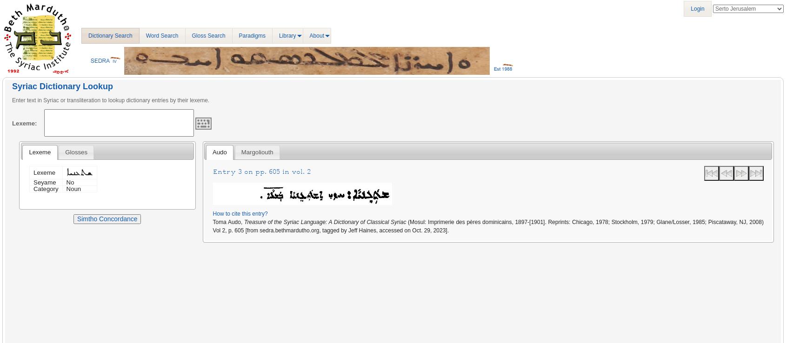  Describe the element at coordinates (62, 86) in the screenshot. I see `'Syriac Dictionary Lookup'` at that location.